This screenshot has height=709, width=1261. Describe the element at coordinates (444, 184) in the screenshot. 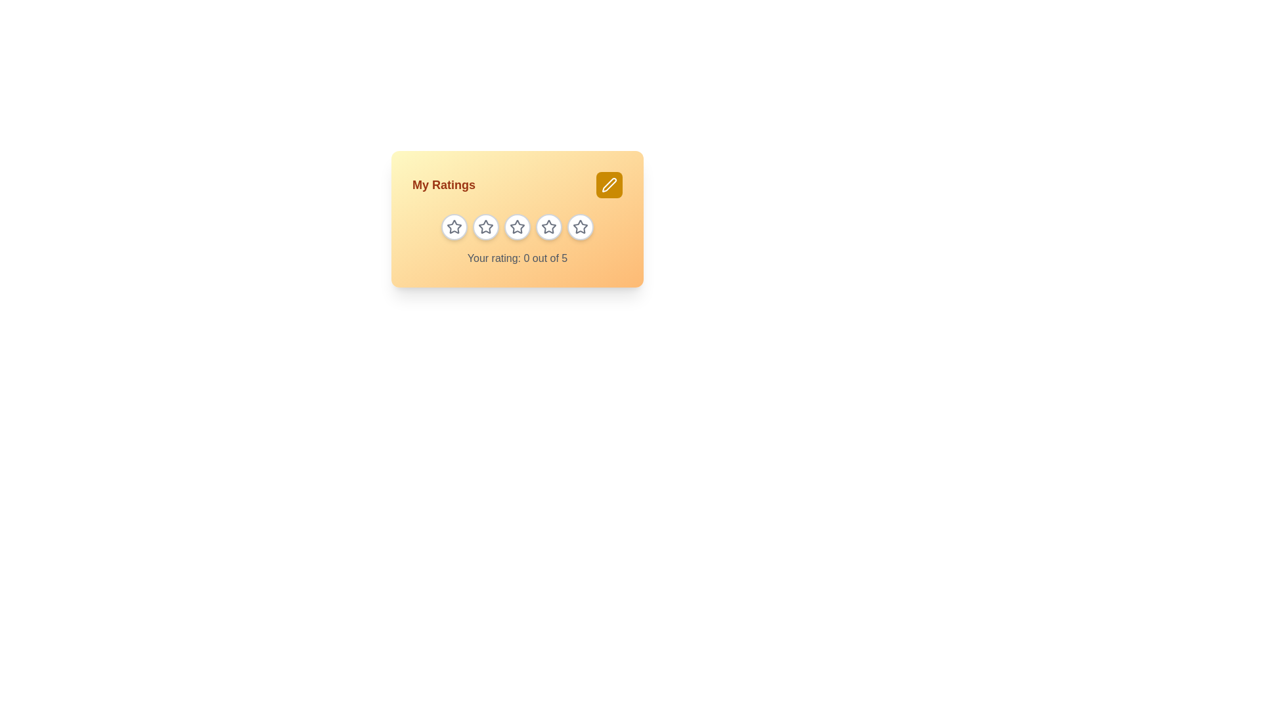

I see `the text label displaying 'My Ratings' in bold, deep orange font, located near the top-left corner above the star icons` at that location.